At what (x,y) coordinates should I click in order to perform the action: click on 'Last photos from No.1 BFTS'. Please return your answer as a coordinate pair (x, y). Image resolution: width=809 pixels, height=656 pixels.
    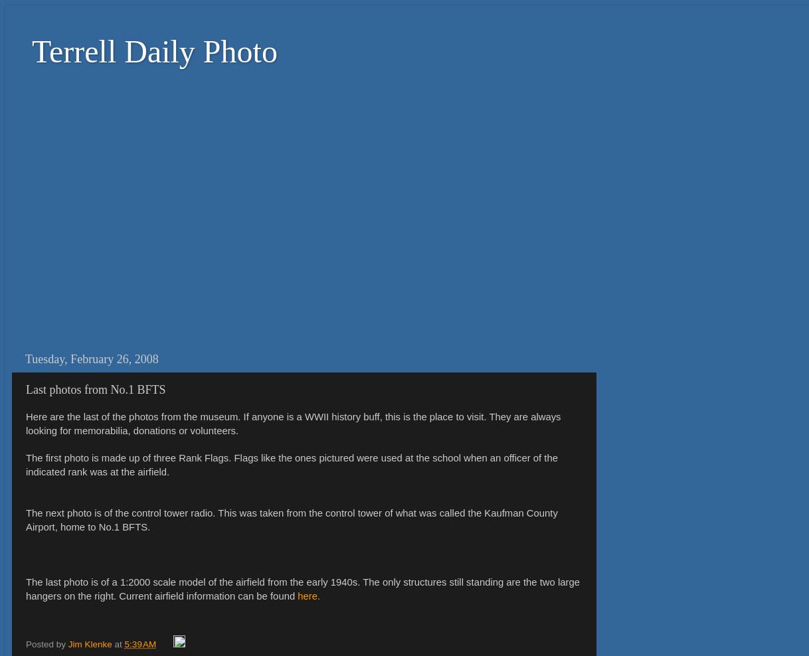
    Looking at the image, I should click on (94, 388).